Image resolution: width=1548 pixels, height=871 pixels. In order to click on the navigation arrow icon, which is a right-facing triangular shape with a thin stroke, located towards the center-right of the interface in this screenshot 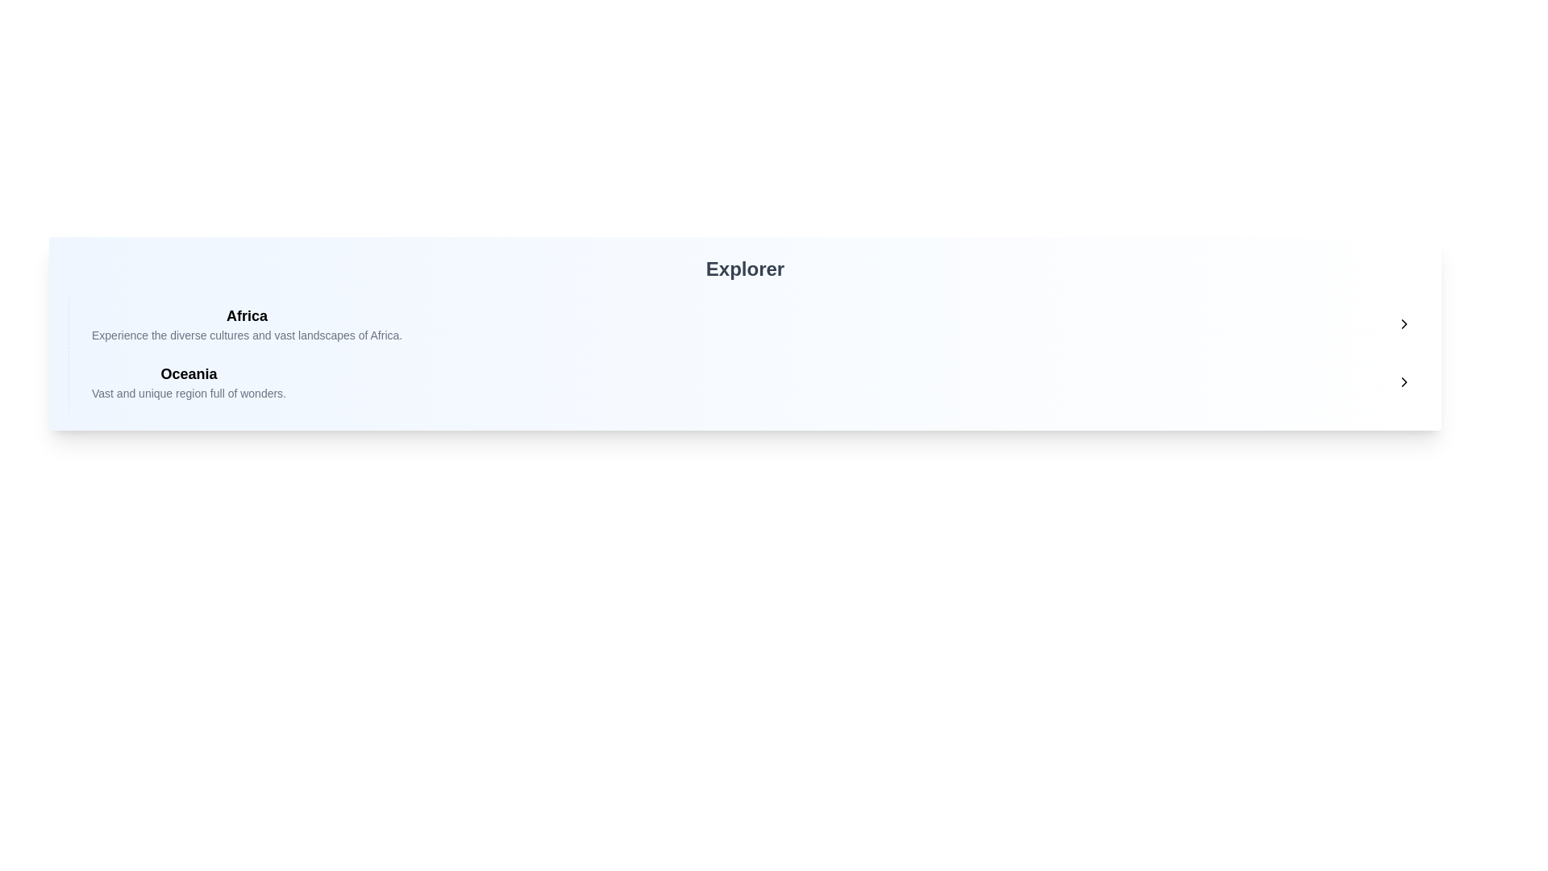, I will do `click(1404, 382)`.